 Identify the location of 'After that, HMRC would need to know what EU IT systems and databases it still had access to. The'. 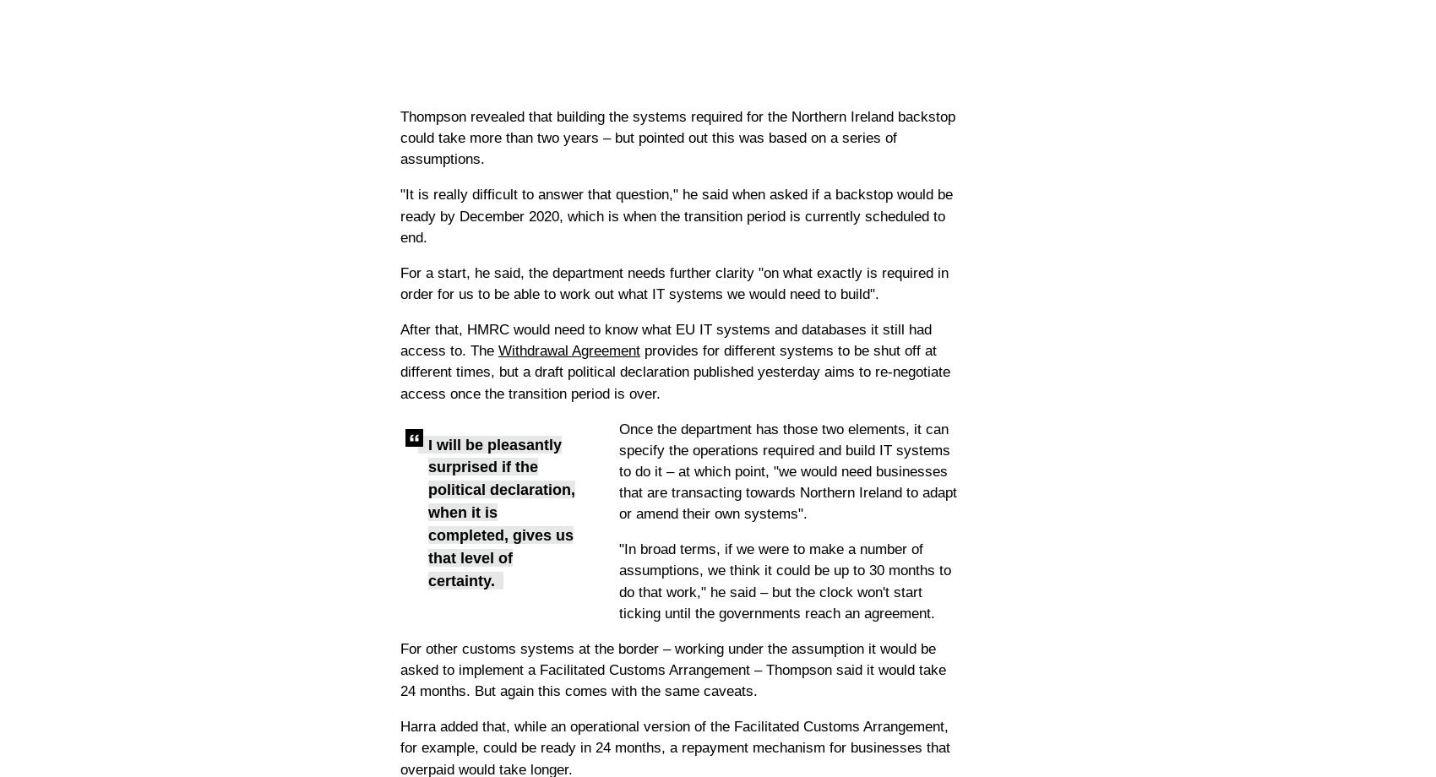
(665, 339).